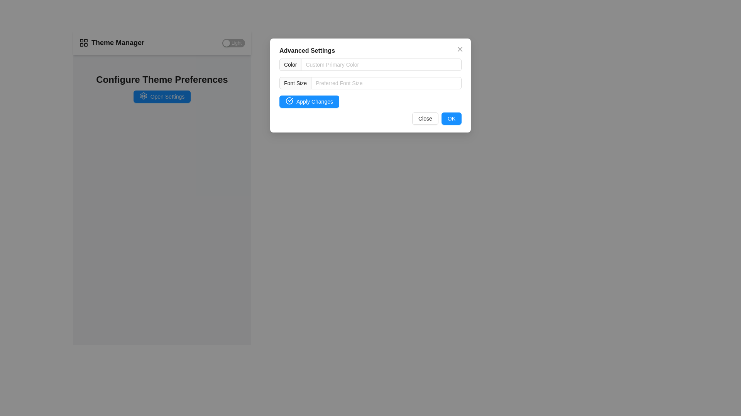 This screenshot has width=741, height=416. What do you see at coordinates (161, 96) in the screenshot?
I see `the advanced settings button located centrally below the 'Configure Theme Preferences' text` at bounding box center [161, 96].